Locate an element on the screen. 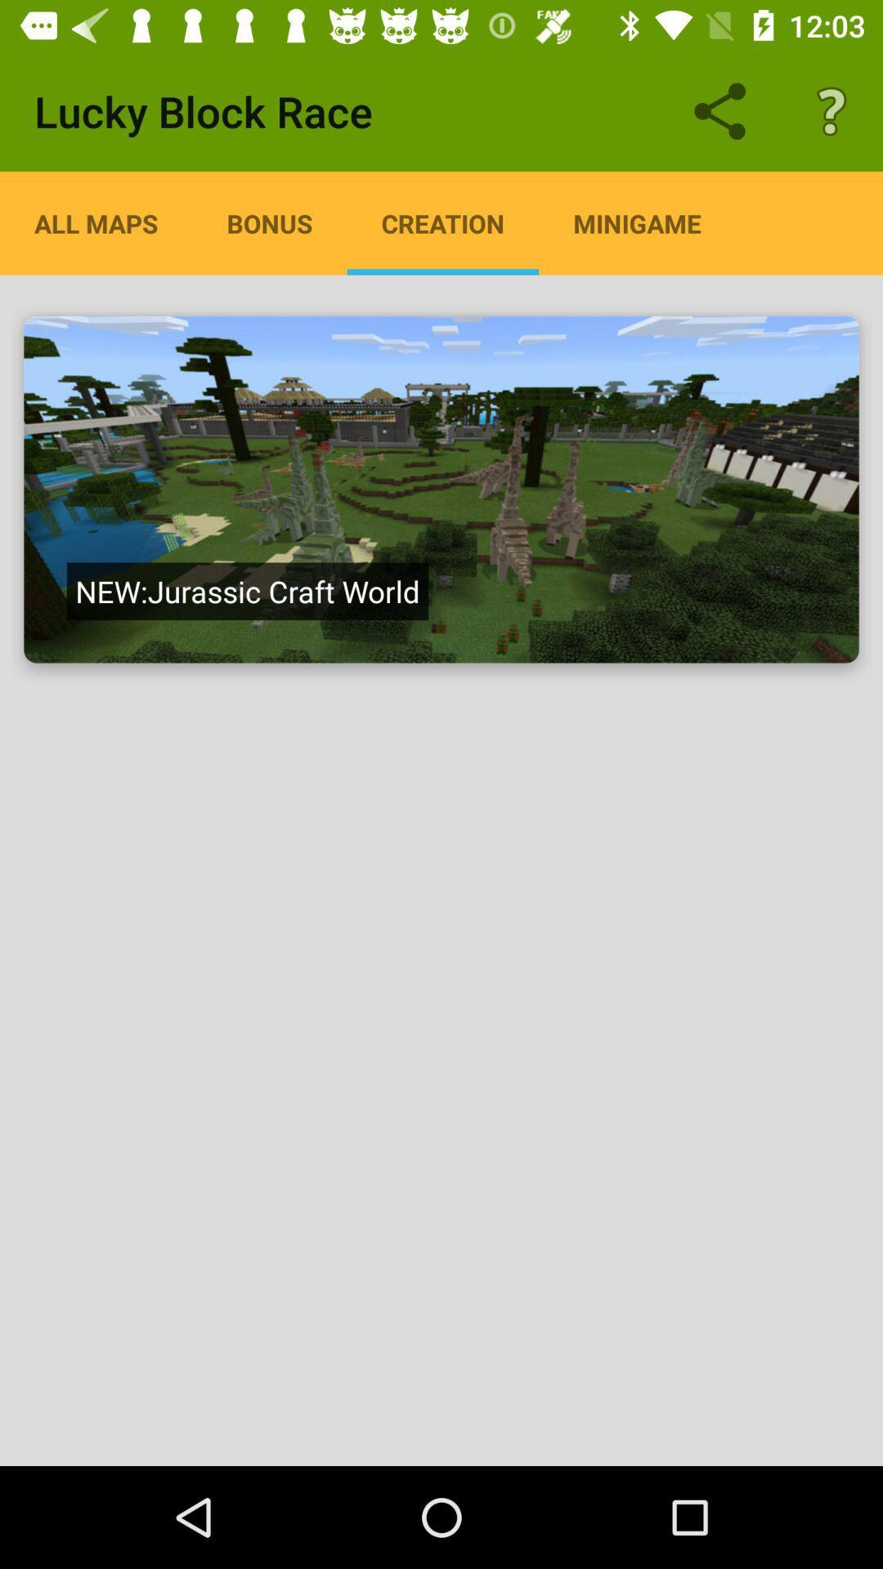 This screenshot has height=1569, width=883. the item next to creation app is located at coordinates (636, 222).